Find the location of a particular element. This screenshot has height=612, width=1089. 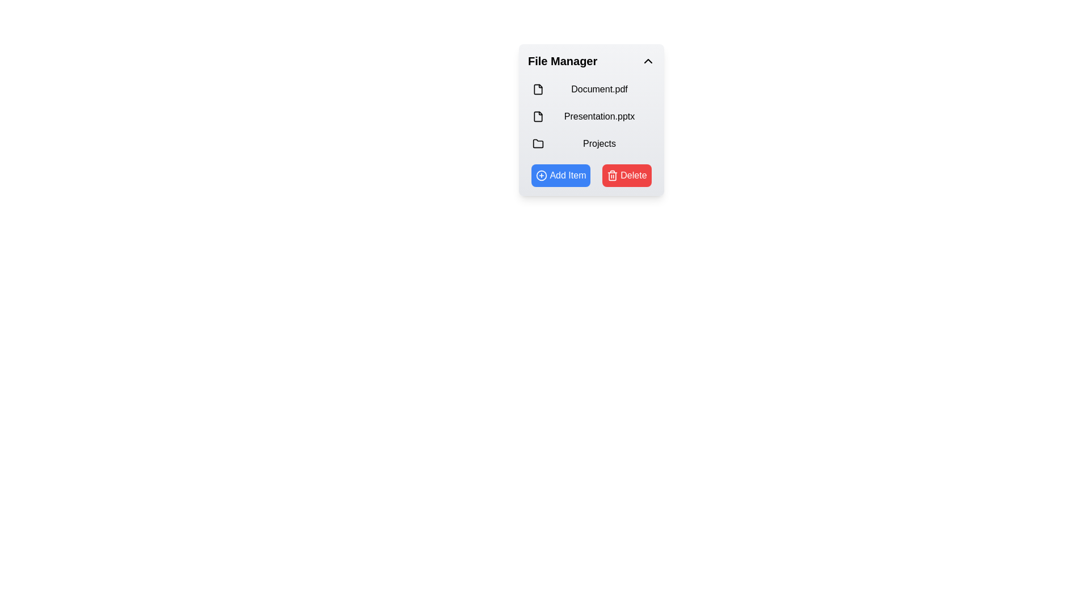

the text label displaying 'Presentation.pptx' in a file manager is located at coordinates (598, 116).